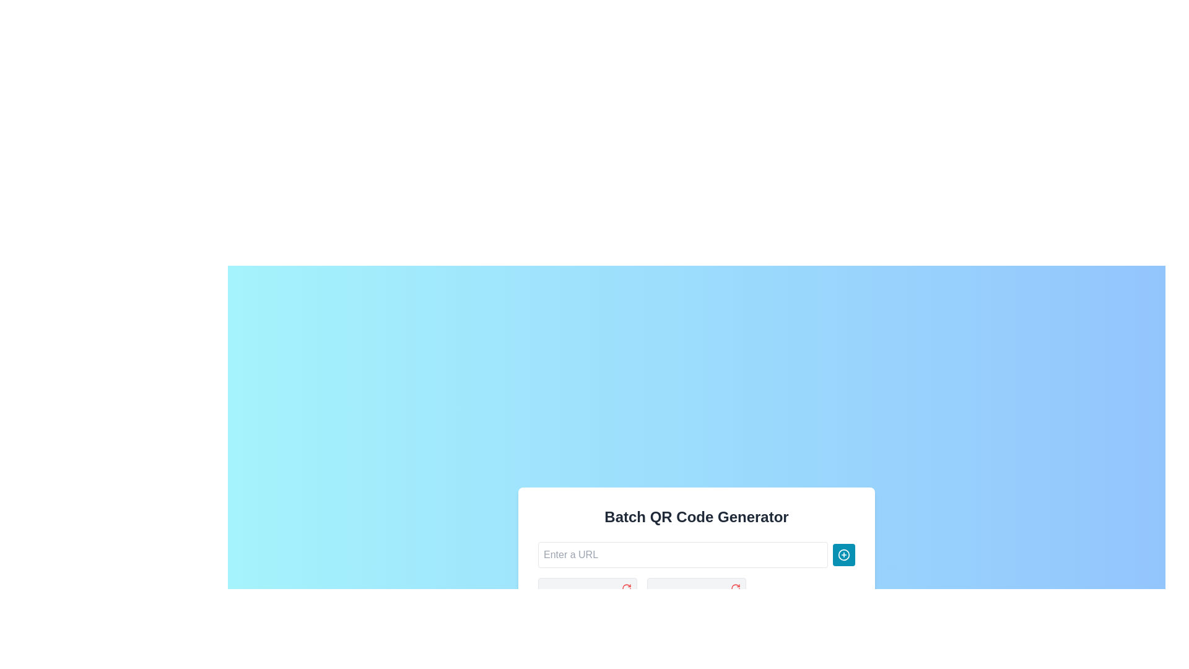 The image size is (1189, 669). What do you see at coordinates (843, 554) in the screenshot?
I see `the circular button with a cyan background and a white plus sign icon, positioned to the right of the 'Enter a URL' text input field, to trigger hover effects` at bounding box center [843, 554].